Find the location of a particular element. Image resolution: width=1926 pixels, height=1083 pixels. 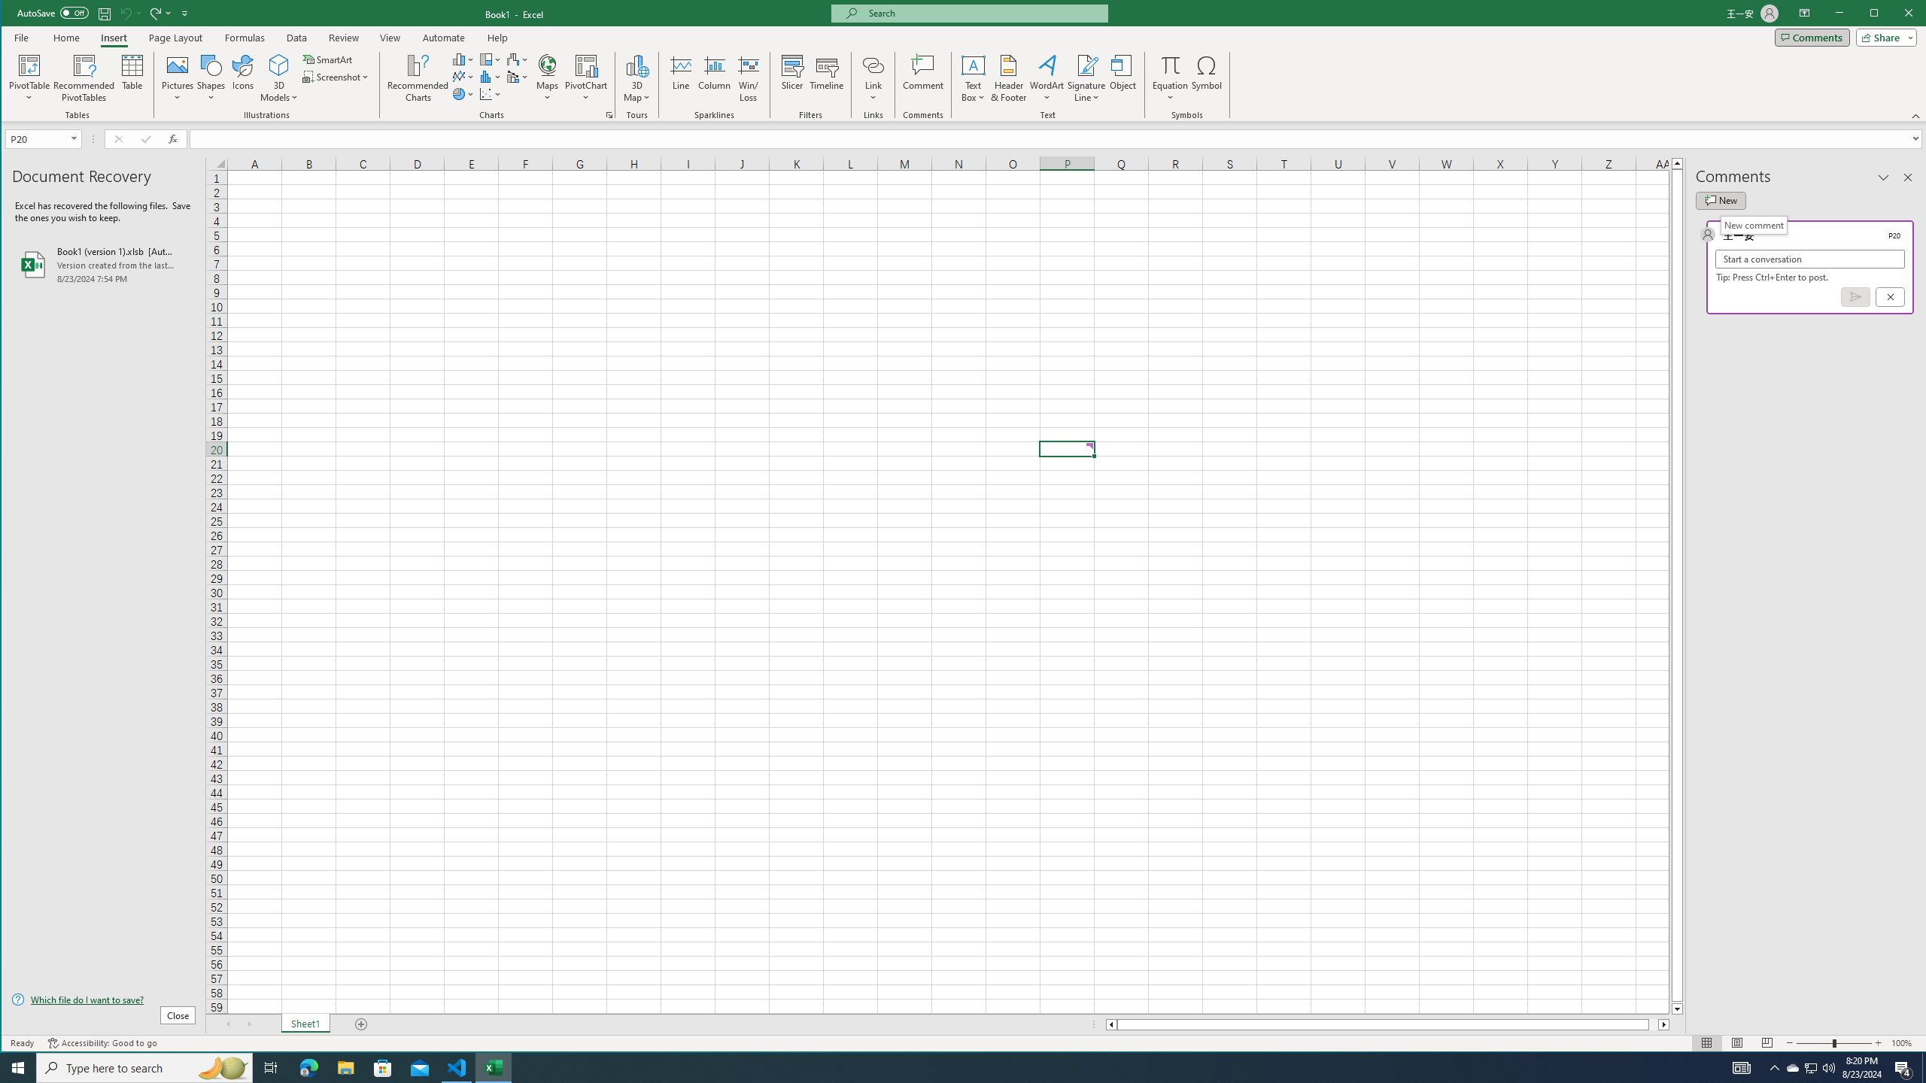

'Link' is located at coordinates (872, 64).